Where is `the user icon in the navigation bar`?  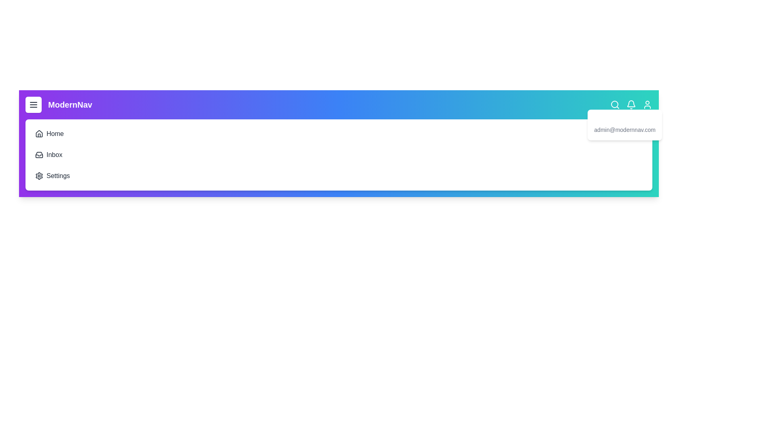 the user icon in the navigation bar is located at coordinates (647, 104).